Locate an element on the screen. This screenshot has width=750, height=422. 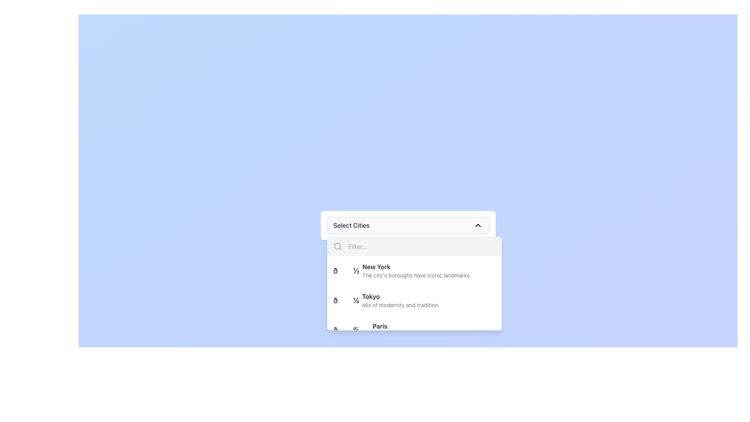
the List Item displaying information about the city 'Tokyo', which is the second entry in the dropdown list, located between 'New York' and 'Paris' is located at coordinates (414, 315).